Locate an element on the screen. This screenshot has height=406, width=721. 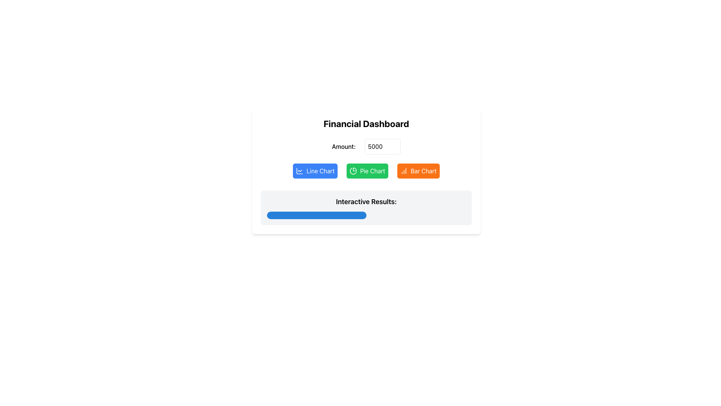
the SVG icon for the 'Pie Chart' functionality, which is located within the green 'Pie Chart' button situated between the blue 'Line Chart' button and the orange 'Bar Chart' button is located at coordinates (353, 171).